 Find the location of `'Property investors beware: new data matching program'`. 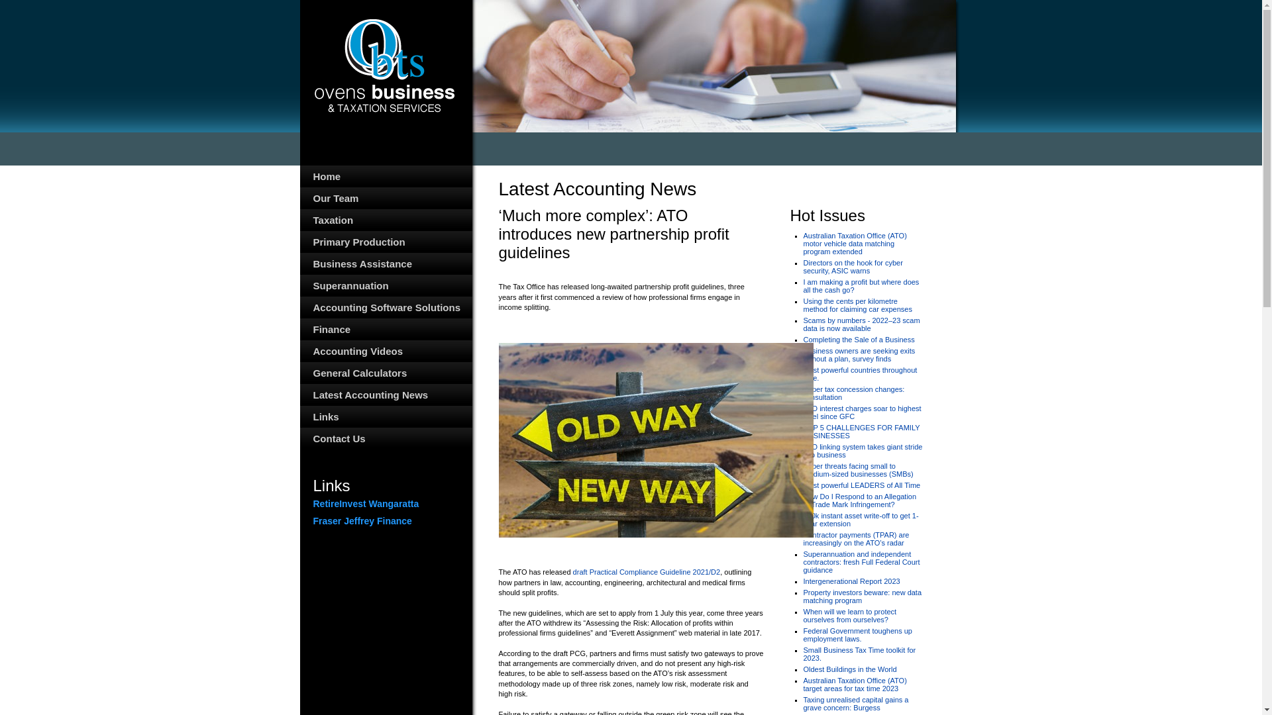

'Property investors beware: new data matching program' is located at coordinates (862, 596).